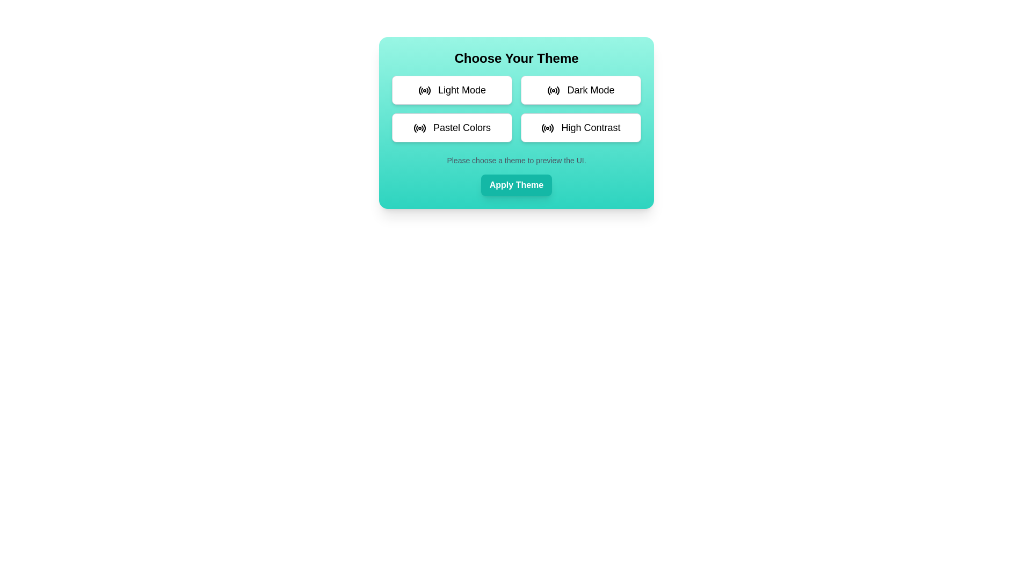  Describe the element at coordinates (419, 128) in the screenshot. I see `the 'Pastel Colors' icon located to the left of the 'Pastel Colors' button in the theme selection interface` at that location.